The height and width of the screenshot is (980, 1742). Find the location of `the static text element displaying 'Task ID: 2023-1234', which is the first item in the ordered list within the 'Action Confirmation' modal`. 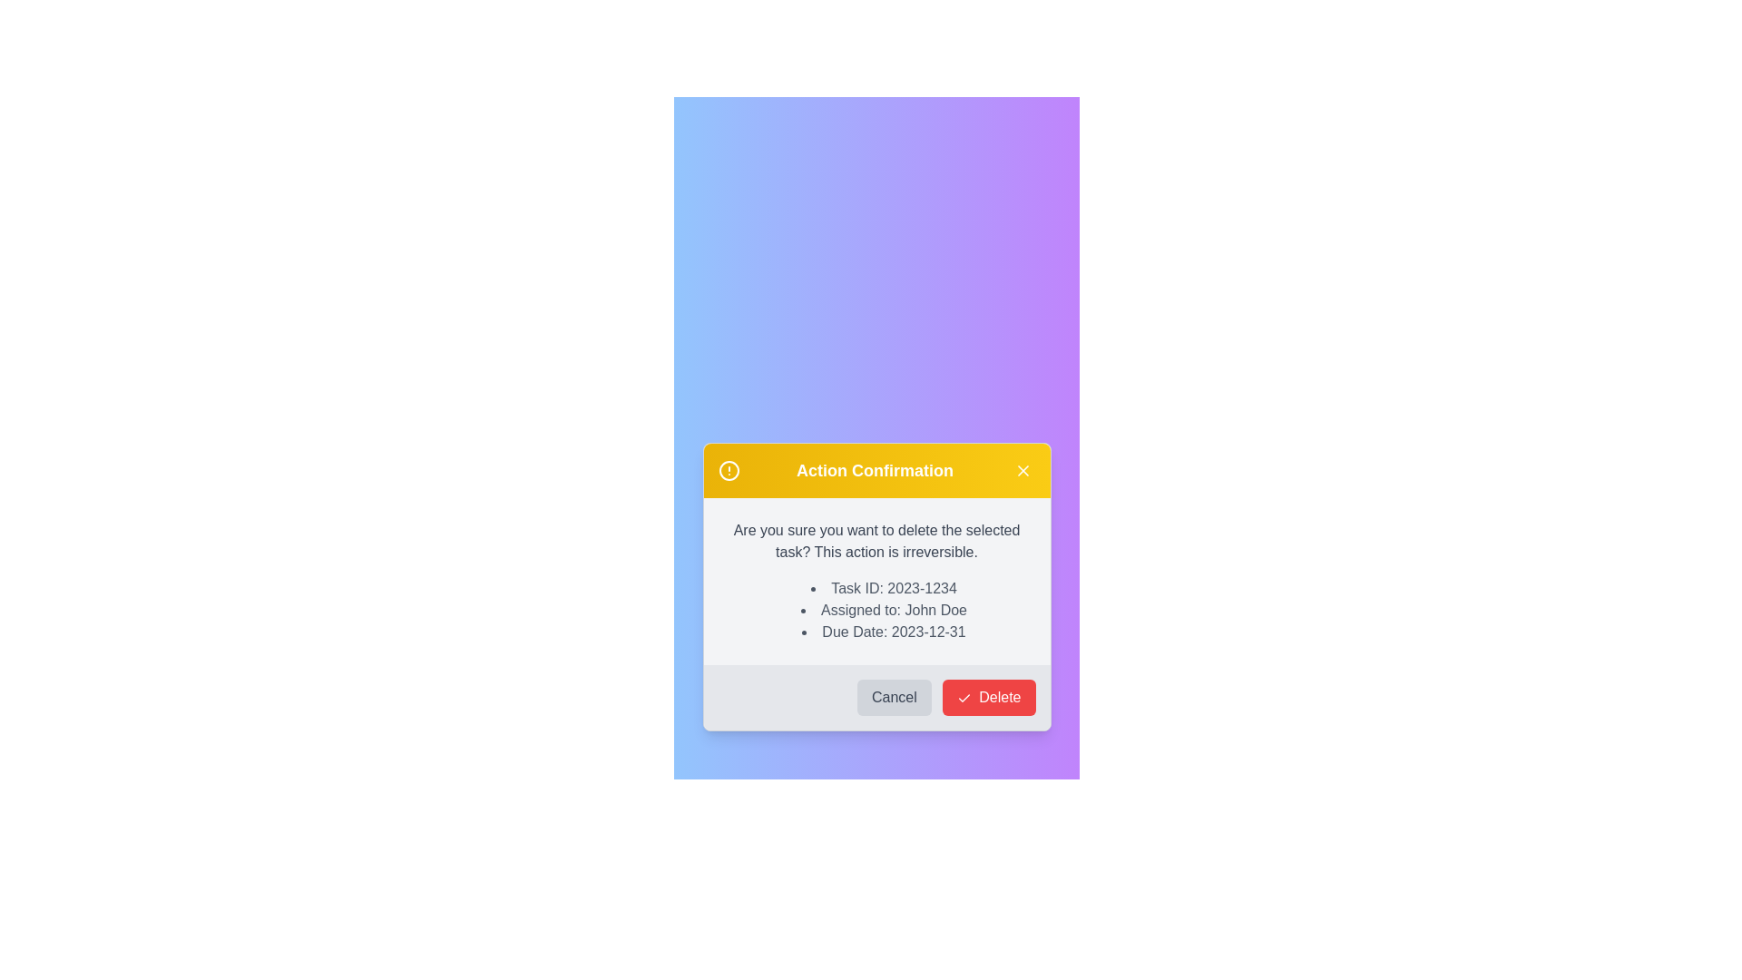

the static text element displaying 'Task ID: 2023-1234', which is the first item in the ordered list within the 'Action Confirmation' modal is located at coordinates (884, 588).